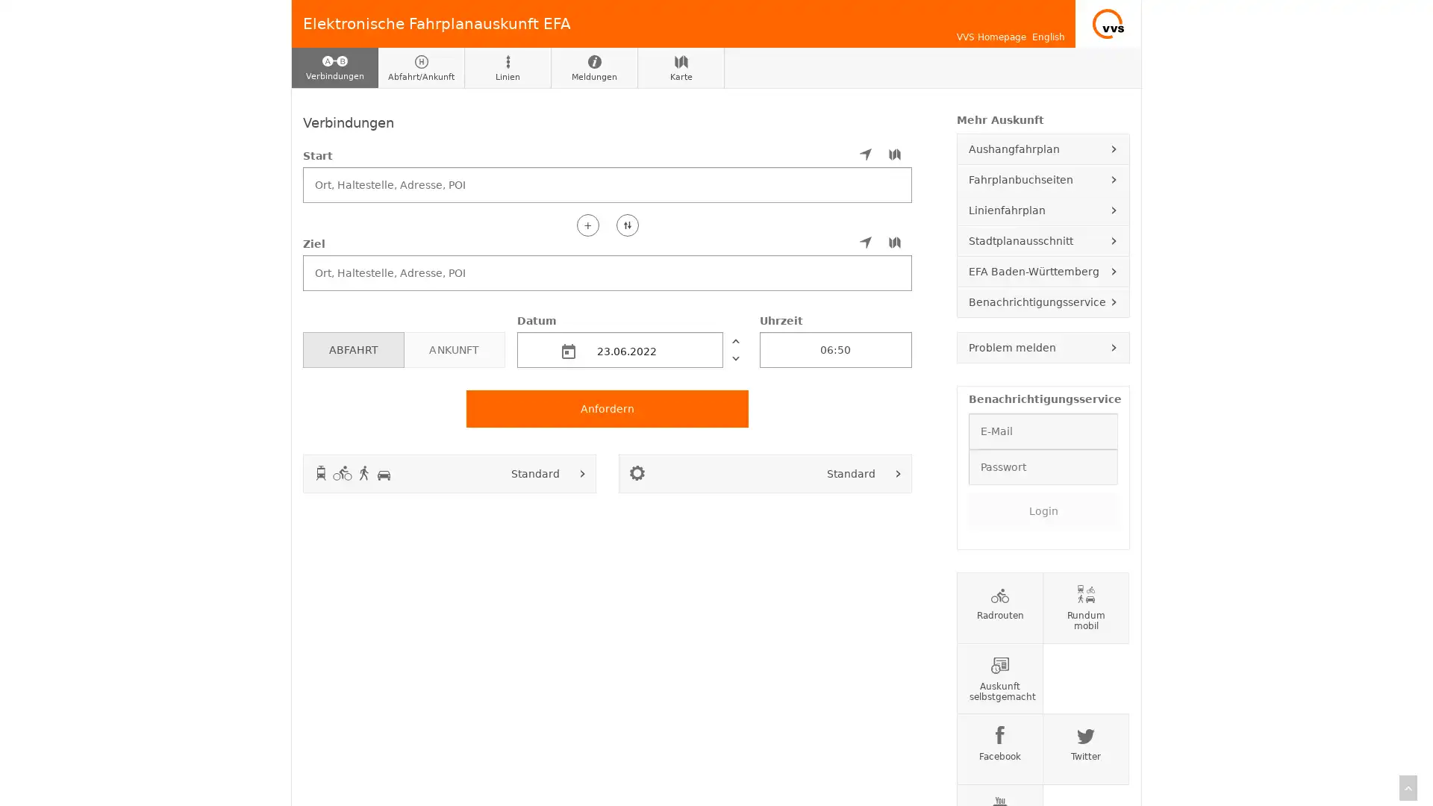 This screenshot has height=806, width=1433. What do you see at coordinates (421, 68) in the screenshot?
I see `Abfahrt/Ankunft` at bounding box center [421, 68].